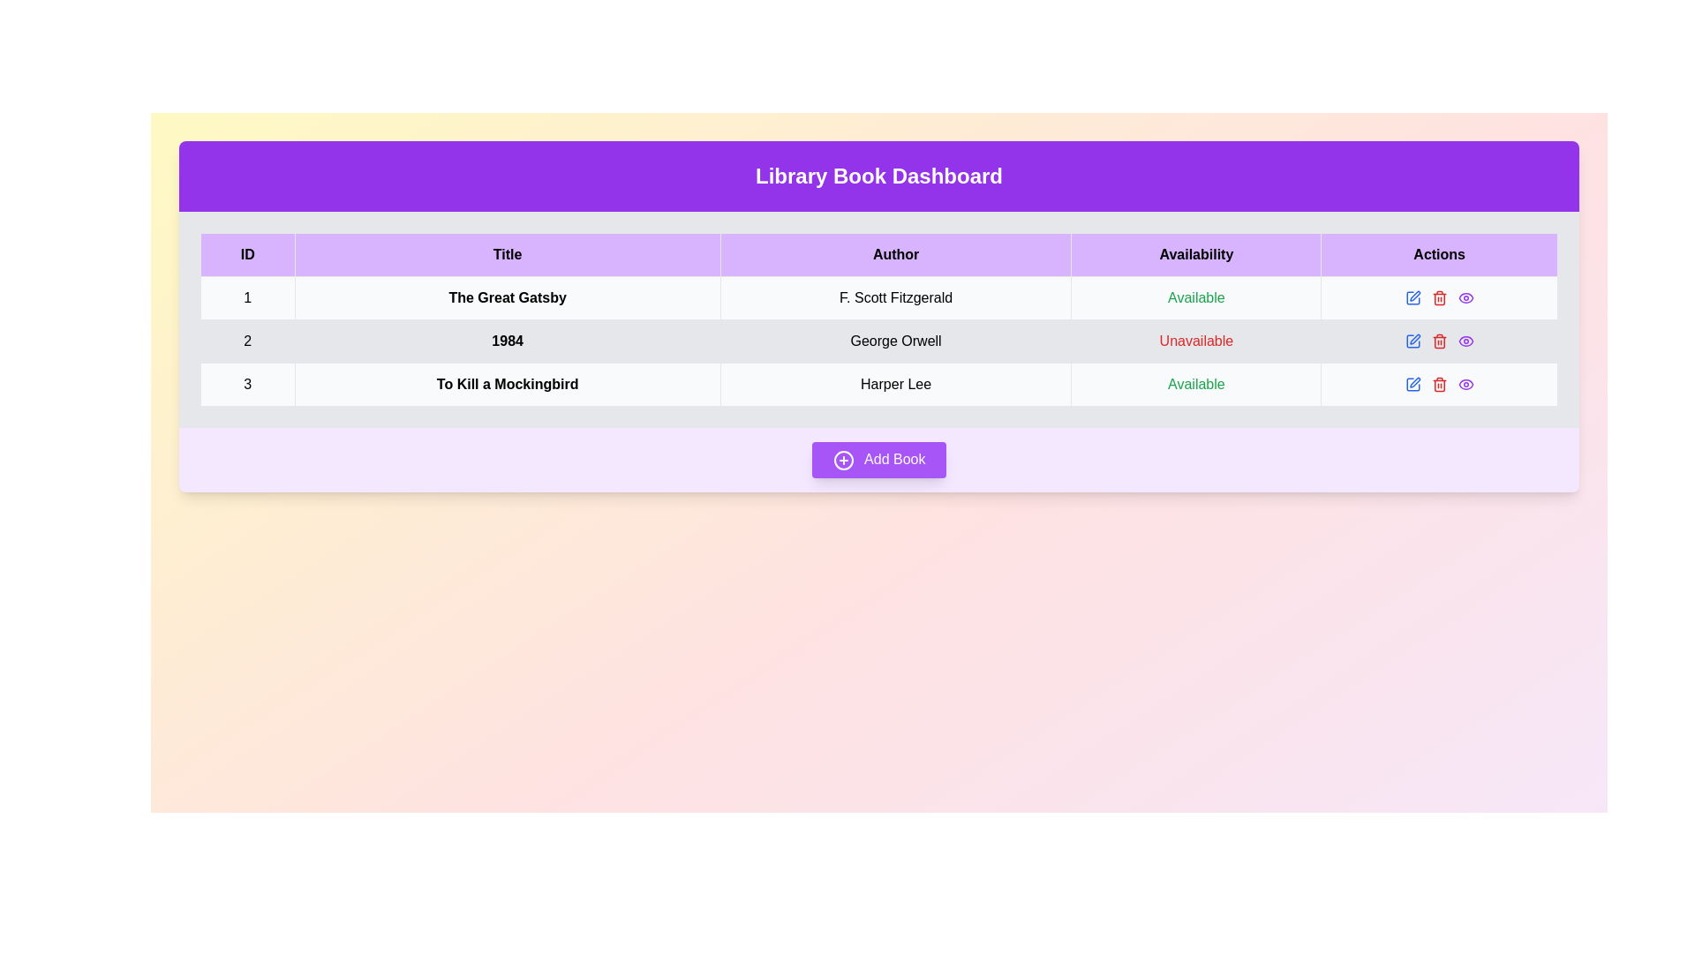  What do you see at coordinates (507, 341) in the screenshot?
I see `the text label displaying '1984' in bold, located in the second row of the table under the 'Title' column` at bounding box center [507, 341].